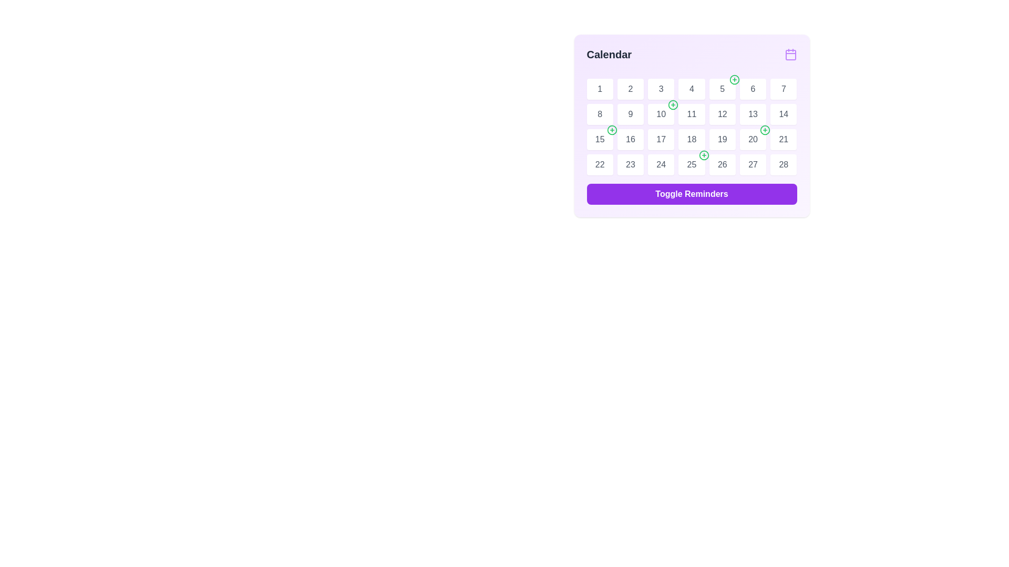  What do you see at coordinates (600, 88) in the screenshot?
I see `the numeral '1' displayed in a gray-colored font within a white circular button located at the top-left section of the calendar grid layout` at bounding box center [600, 88].